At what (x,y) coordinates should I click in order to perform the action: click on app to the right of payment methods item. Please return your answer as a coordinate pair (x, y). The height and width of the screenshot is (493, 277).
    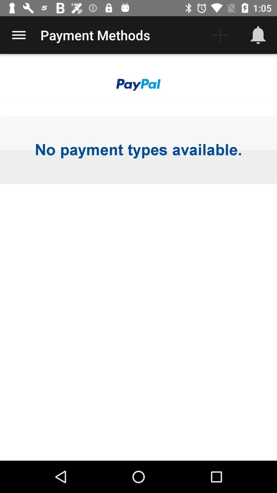
    Looking at the image, I should click on (220, 35).